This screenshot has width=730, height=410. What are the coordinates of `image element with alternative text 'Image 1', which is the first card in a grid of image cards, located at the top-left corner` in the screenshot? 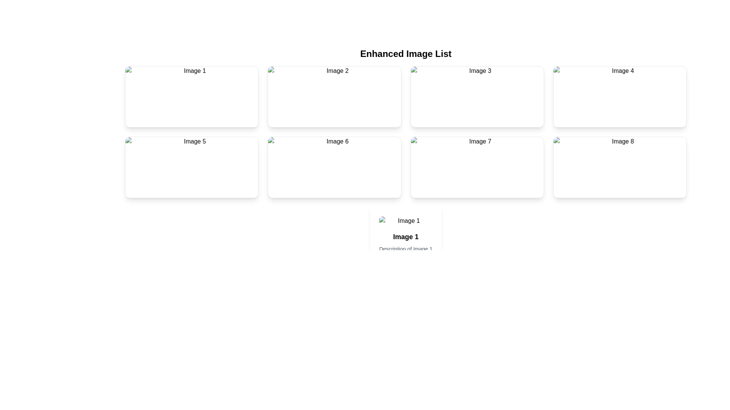 It's located at (192, 96).